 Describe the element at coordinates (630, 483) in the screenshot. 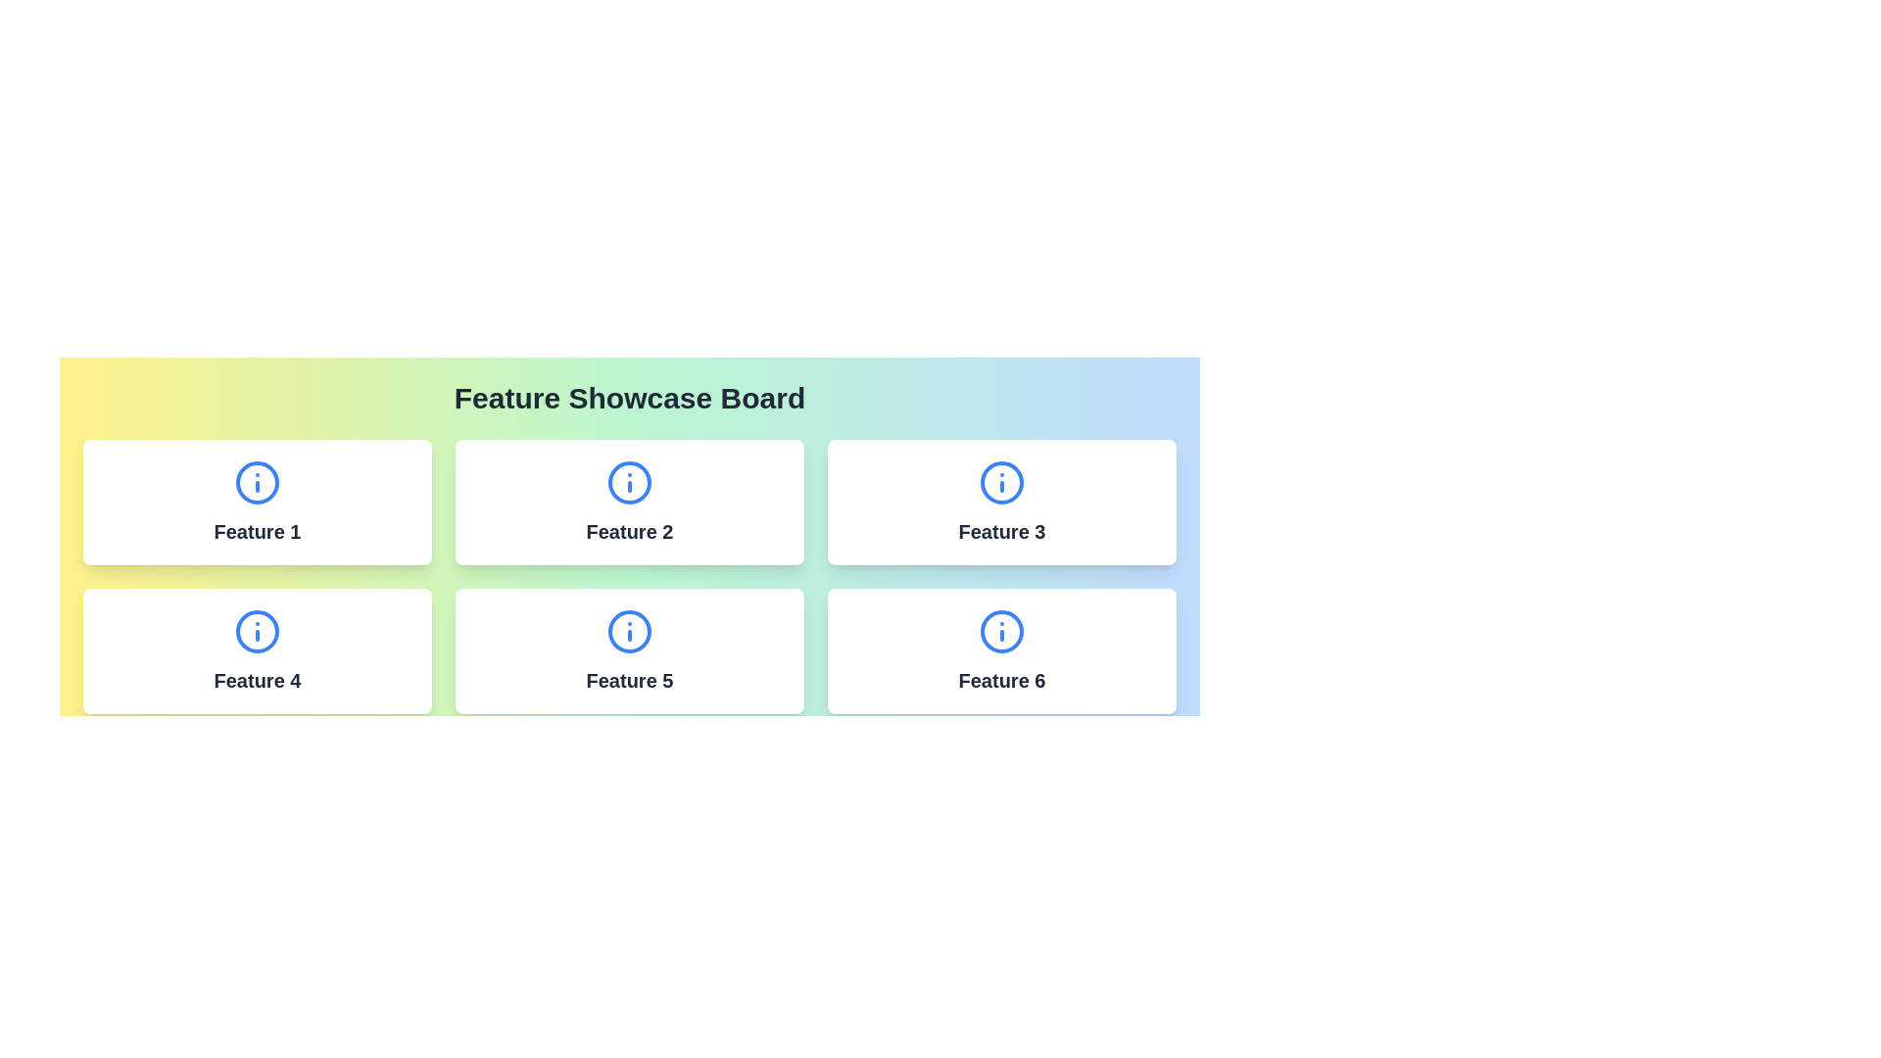

I see `the circular vector graphic in the second feature box, first row and second column, which serves as a visual indicator for information` at that location.